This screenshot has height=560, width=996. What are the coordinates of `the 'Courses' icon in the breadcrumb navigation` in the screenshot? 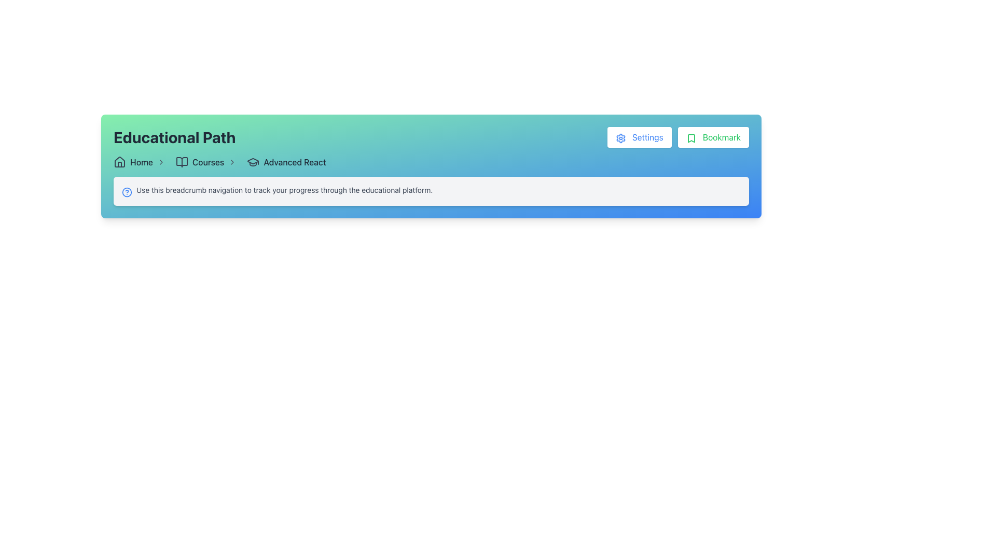 It's located at (182, 162).